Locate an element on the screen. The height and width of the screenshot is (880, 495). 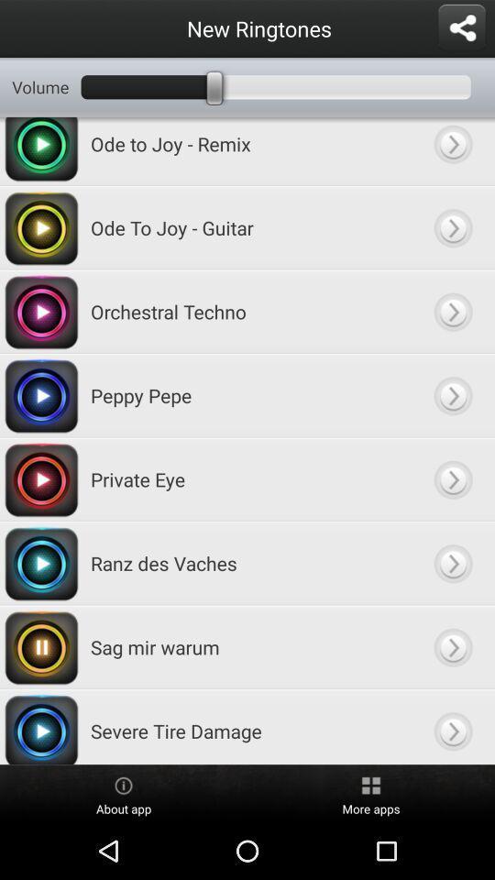
back is located at coordinates (452, 647).